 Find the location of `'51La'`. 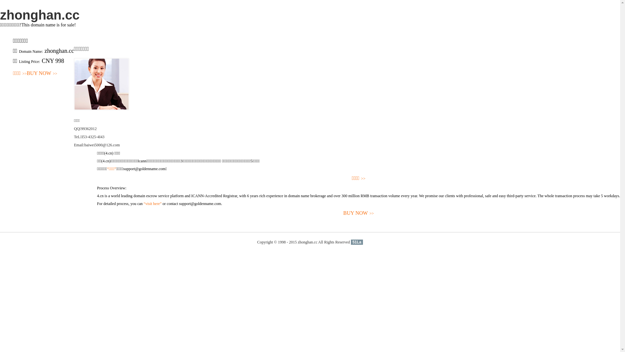

'51La' is located at coordinates (356, 242).